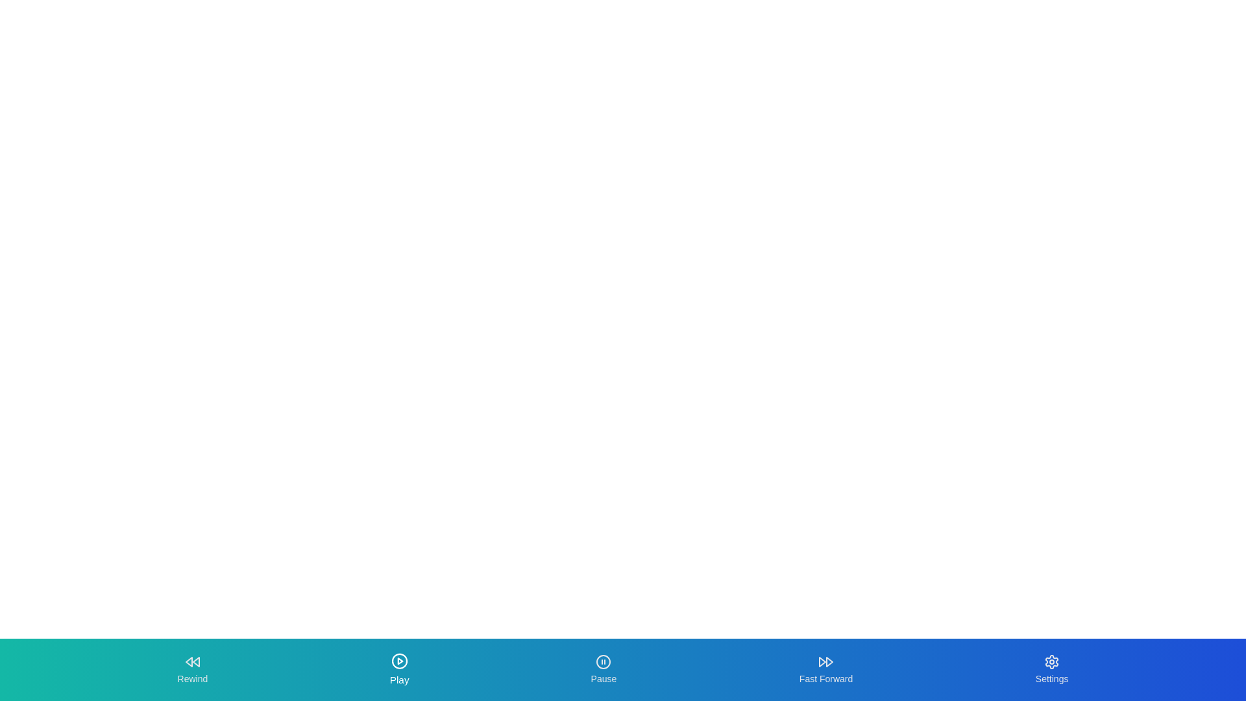  What do you see at coordinates (603, 670) in the screenshot?
I see `the Pause tab by clicking its button` at bounding box center [603, 670].